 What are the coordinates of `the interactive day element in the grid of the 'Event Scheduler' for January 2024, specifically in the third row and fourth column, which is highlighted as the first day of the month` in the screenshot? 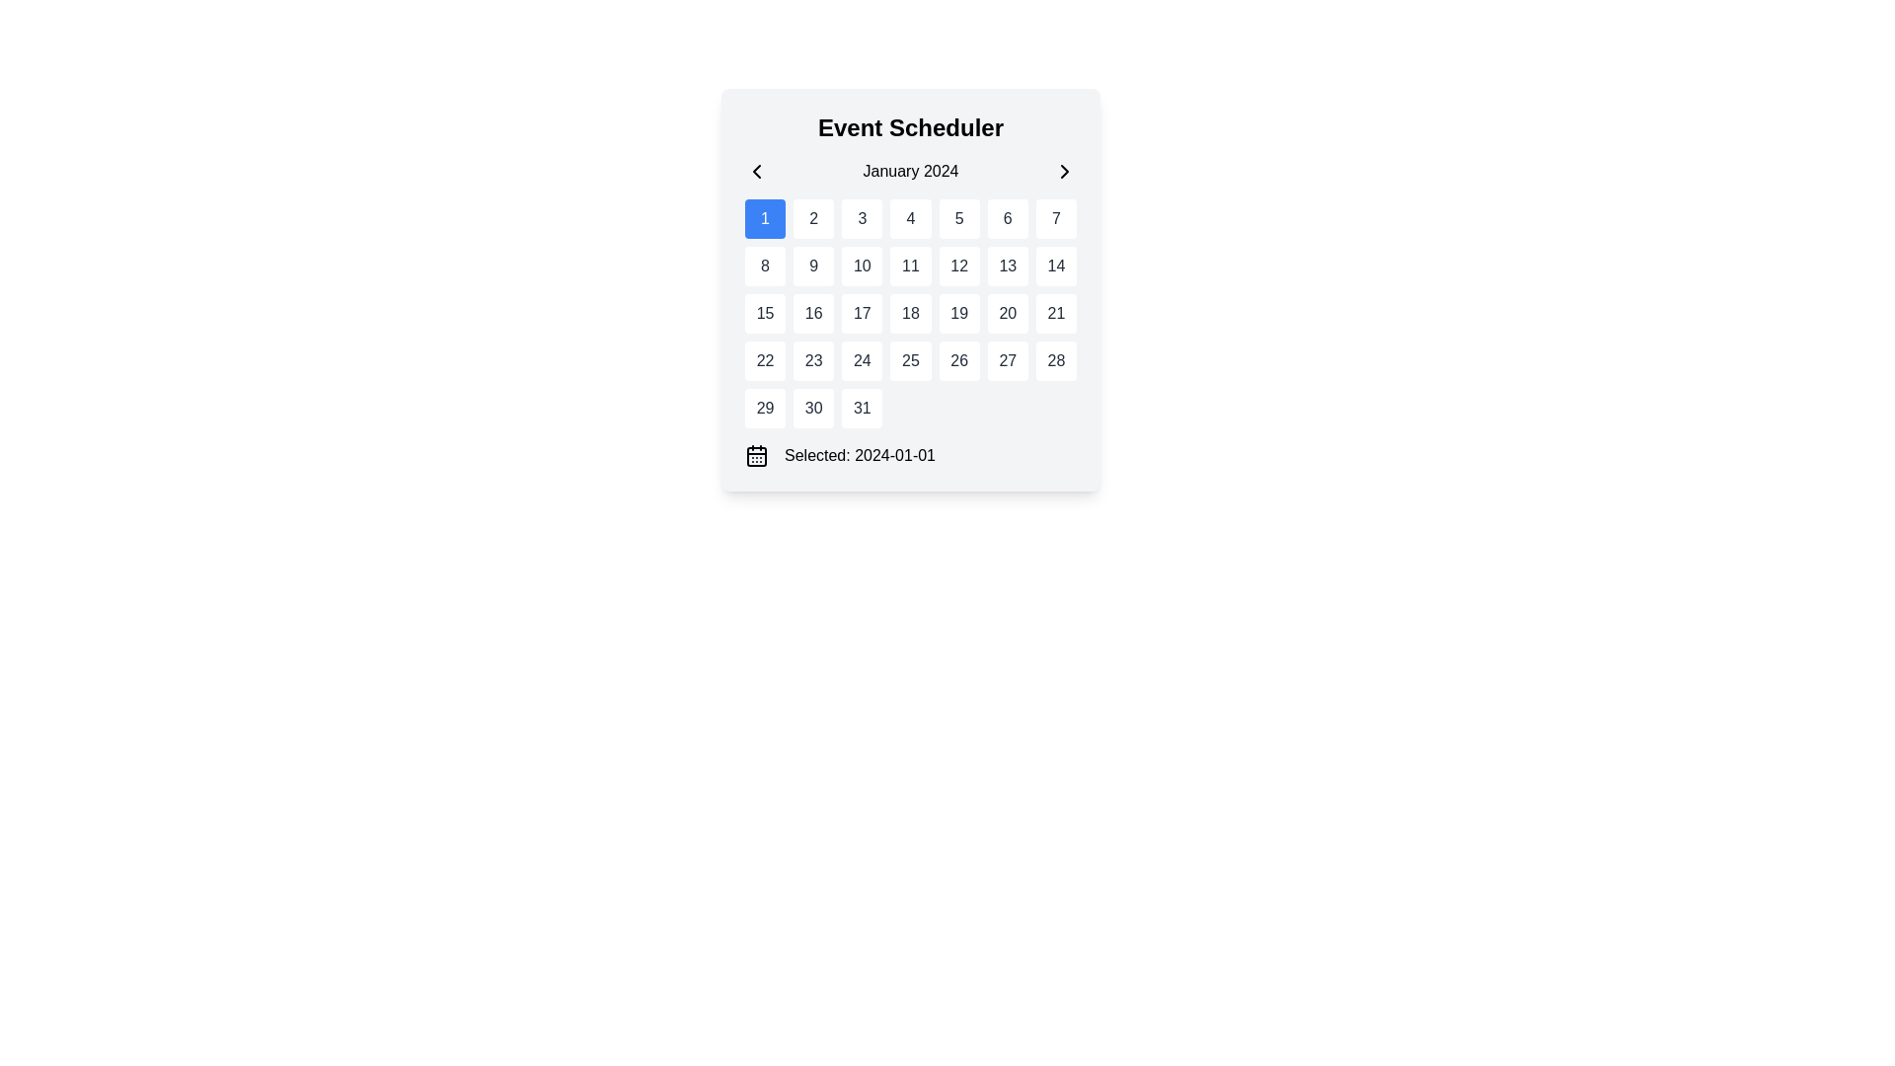 It's located at (909, 312).